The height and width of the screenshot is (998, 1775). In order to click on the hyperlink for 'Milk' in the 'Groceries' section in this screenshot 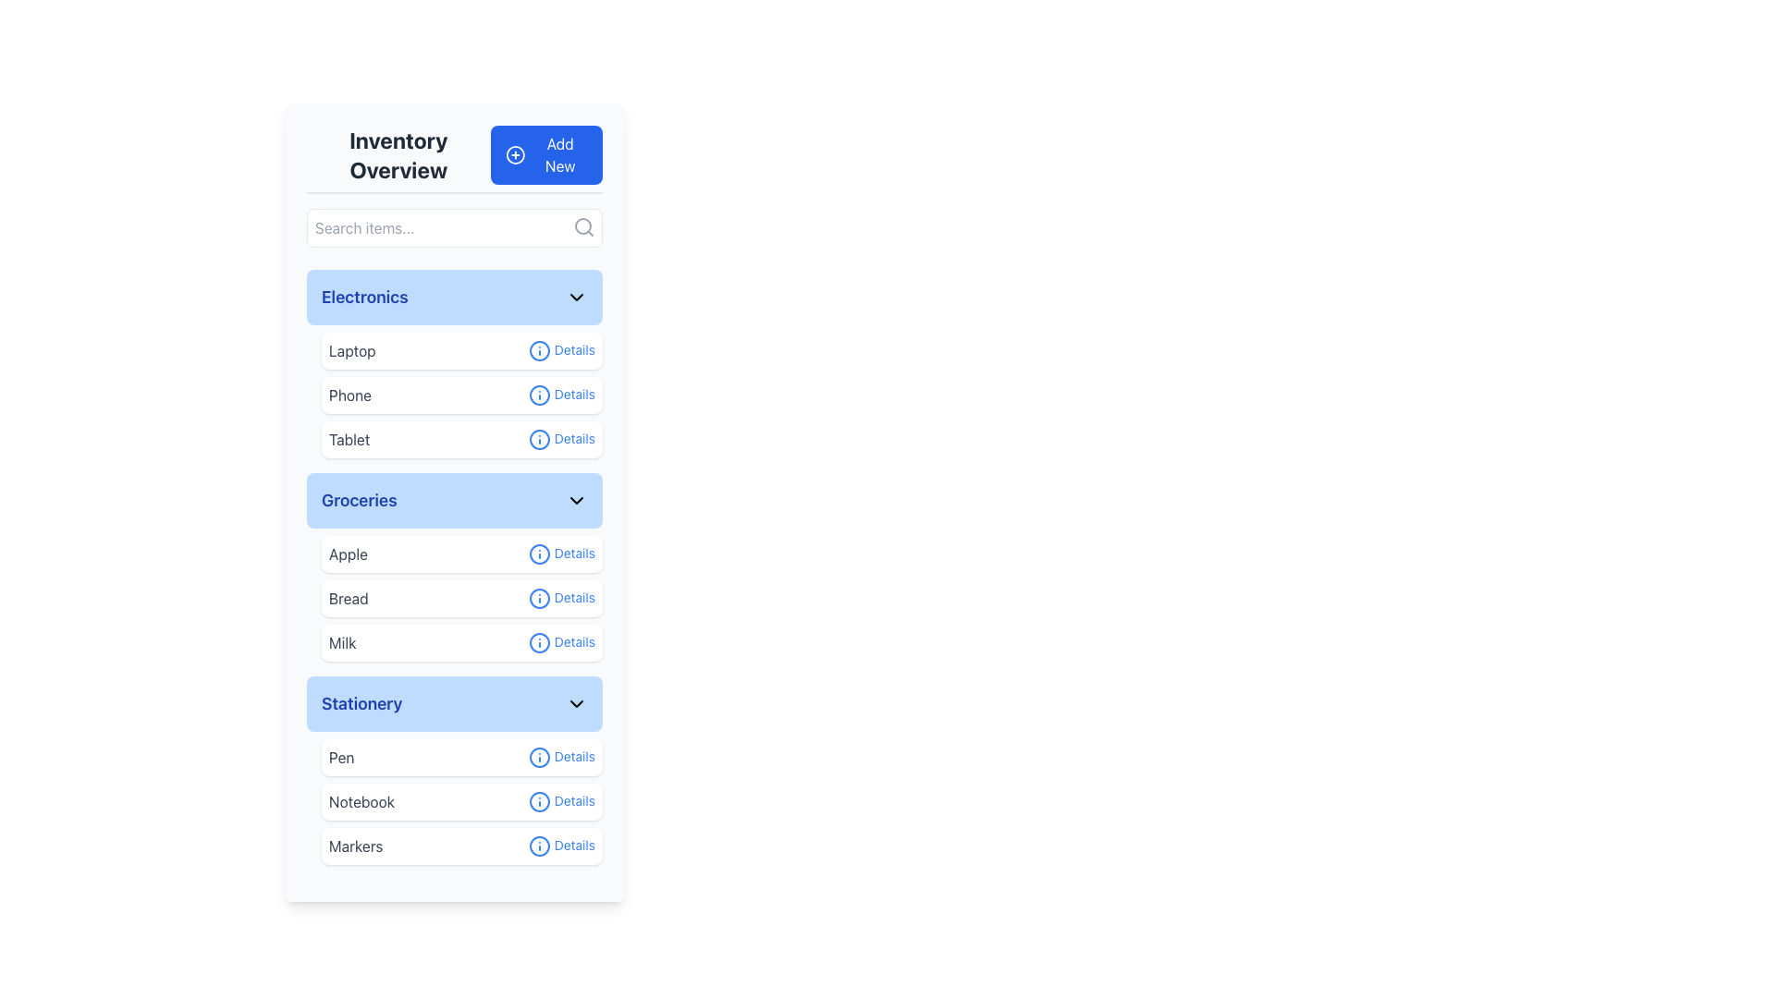, I will do `click(560, 641)`.